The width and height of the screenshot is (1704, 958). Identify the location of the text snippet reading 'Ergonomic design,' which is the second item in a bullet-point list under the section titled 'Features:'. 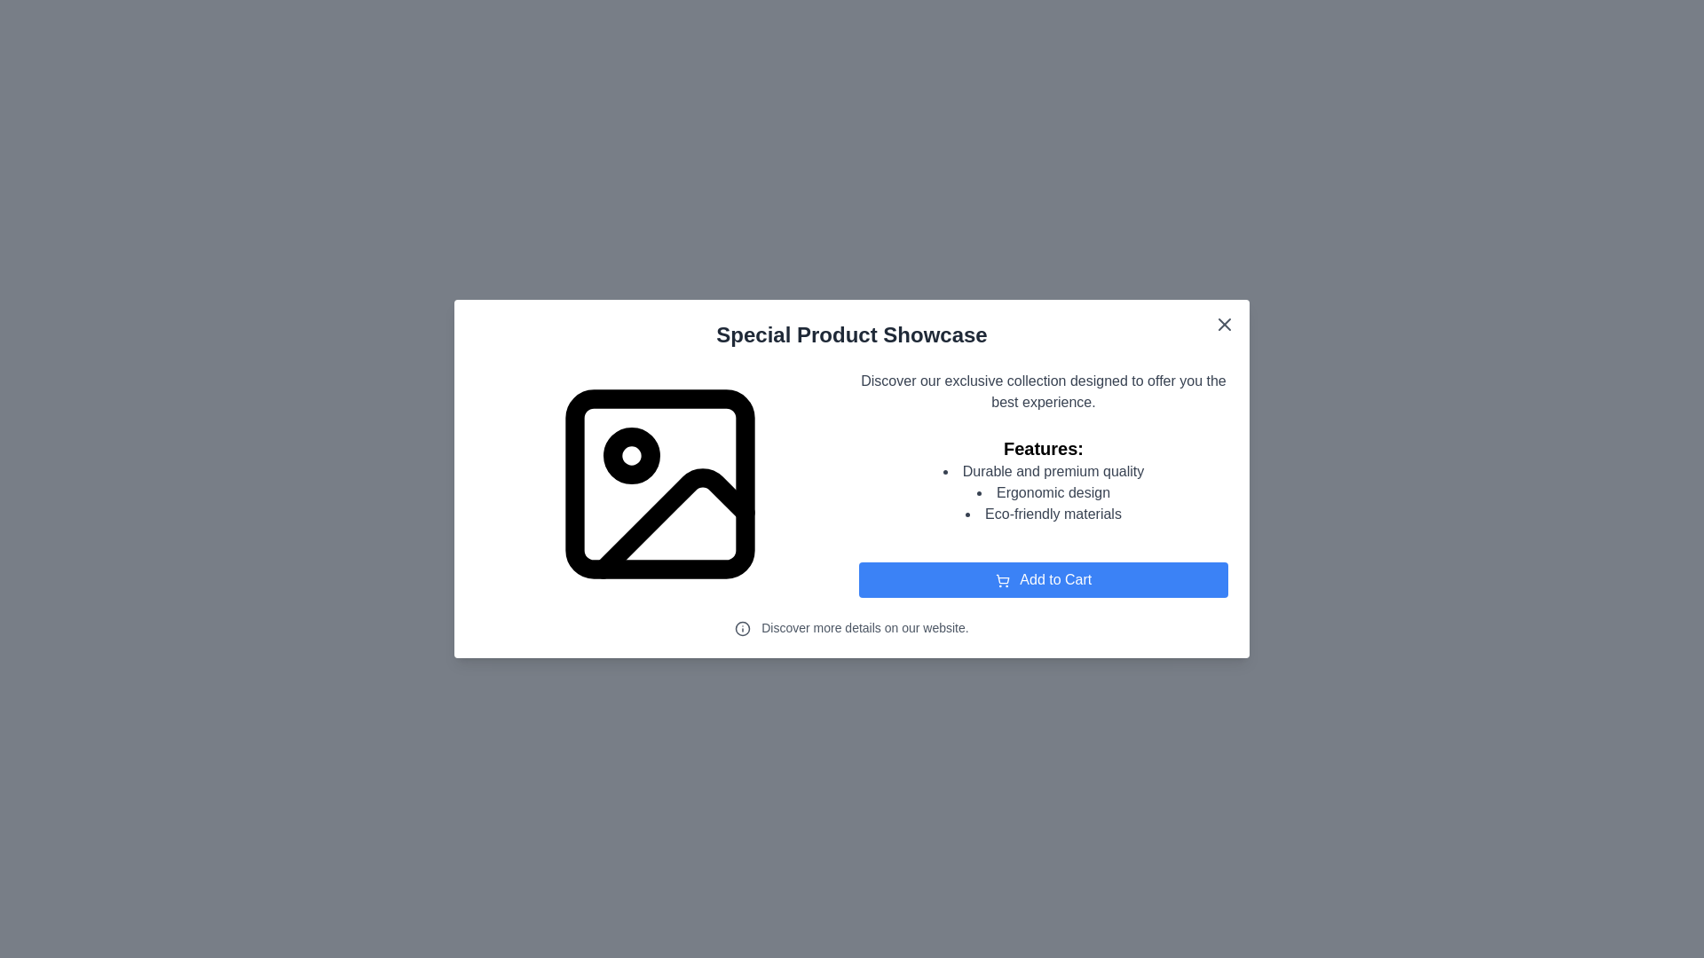
(1044, 492).